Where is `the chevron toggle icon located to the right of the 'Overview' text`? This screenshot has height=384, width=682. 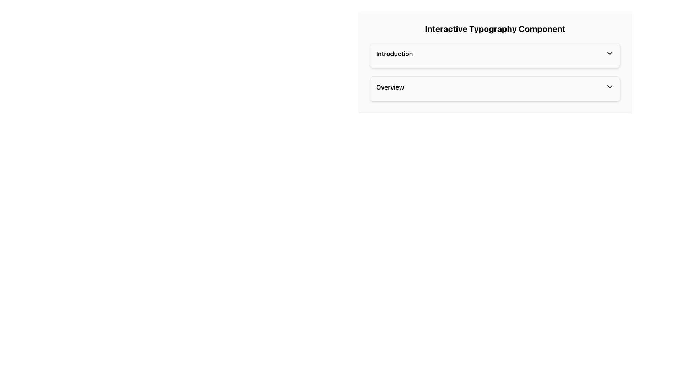
the chevron toggle icon located to the right of the 'Overview' text is located at coordinates (610, 86).